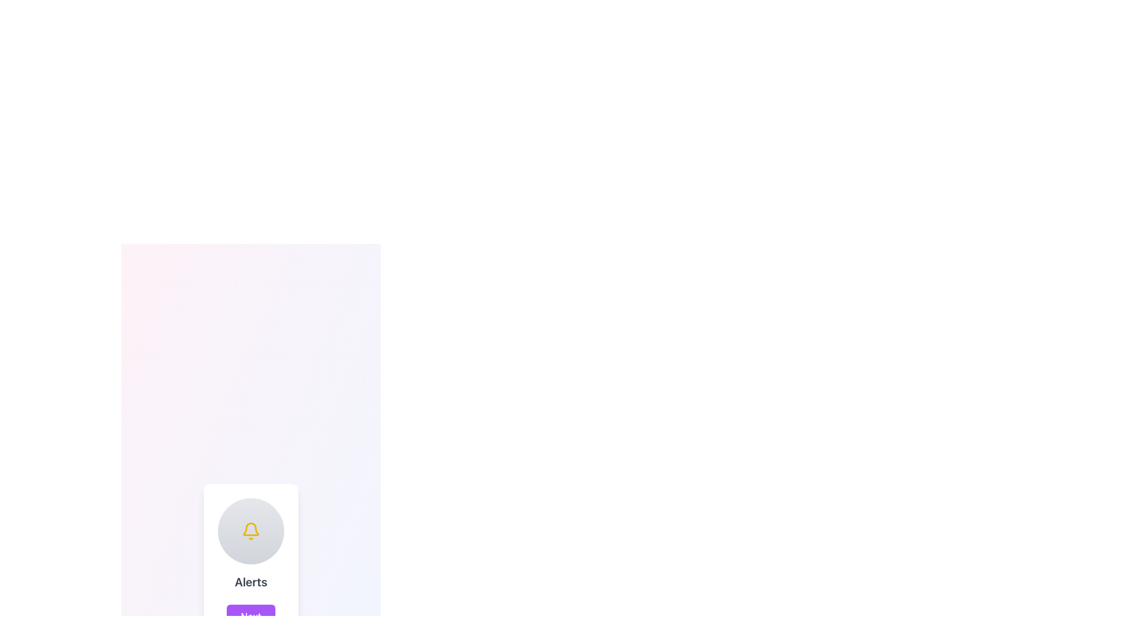  Describe the element at coordinates (250, 615) in the screenshot. I see `the 'Next' button located at the bottom of the alerts card to highlight it for user interaction` at that location.